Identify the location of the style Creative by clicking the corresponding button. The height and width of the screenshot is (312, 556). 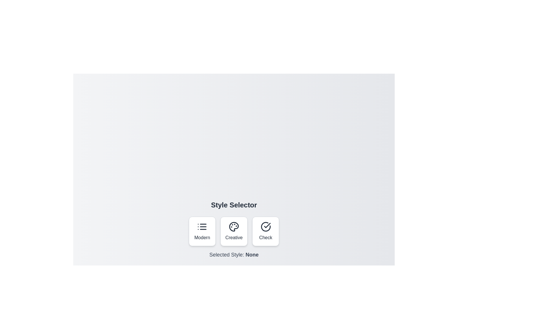
(234, 231).